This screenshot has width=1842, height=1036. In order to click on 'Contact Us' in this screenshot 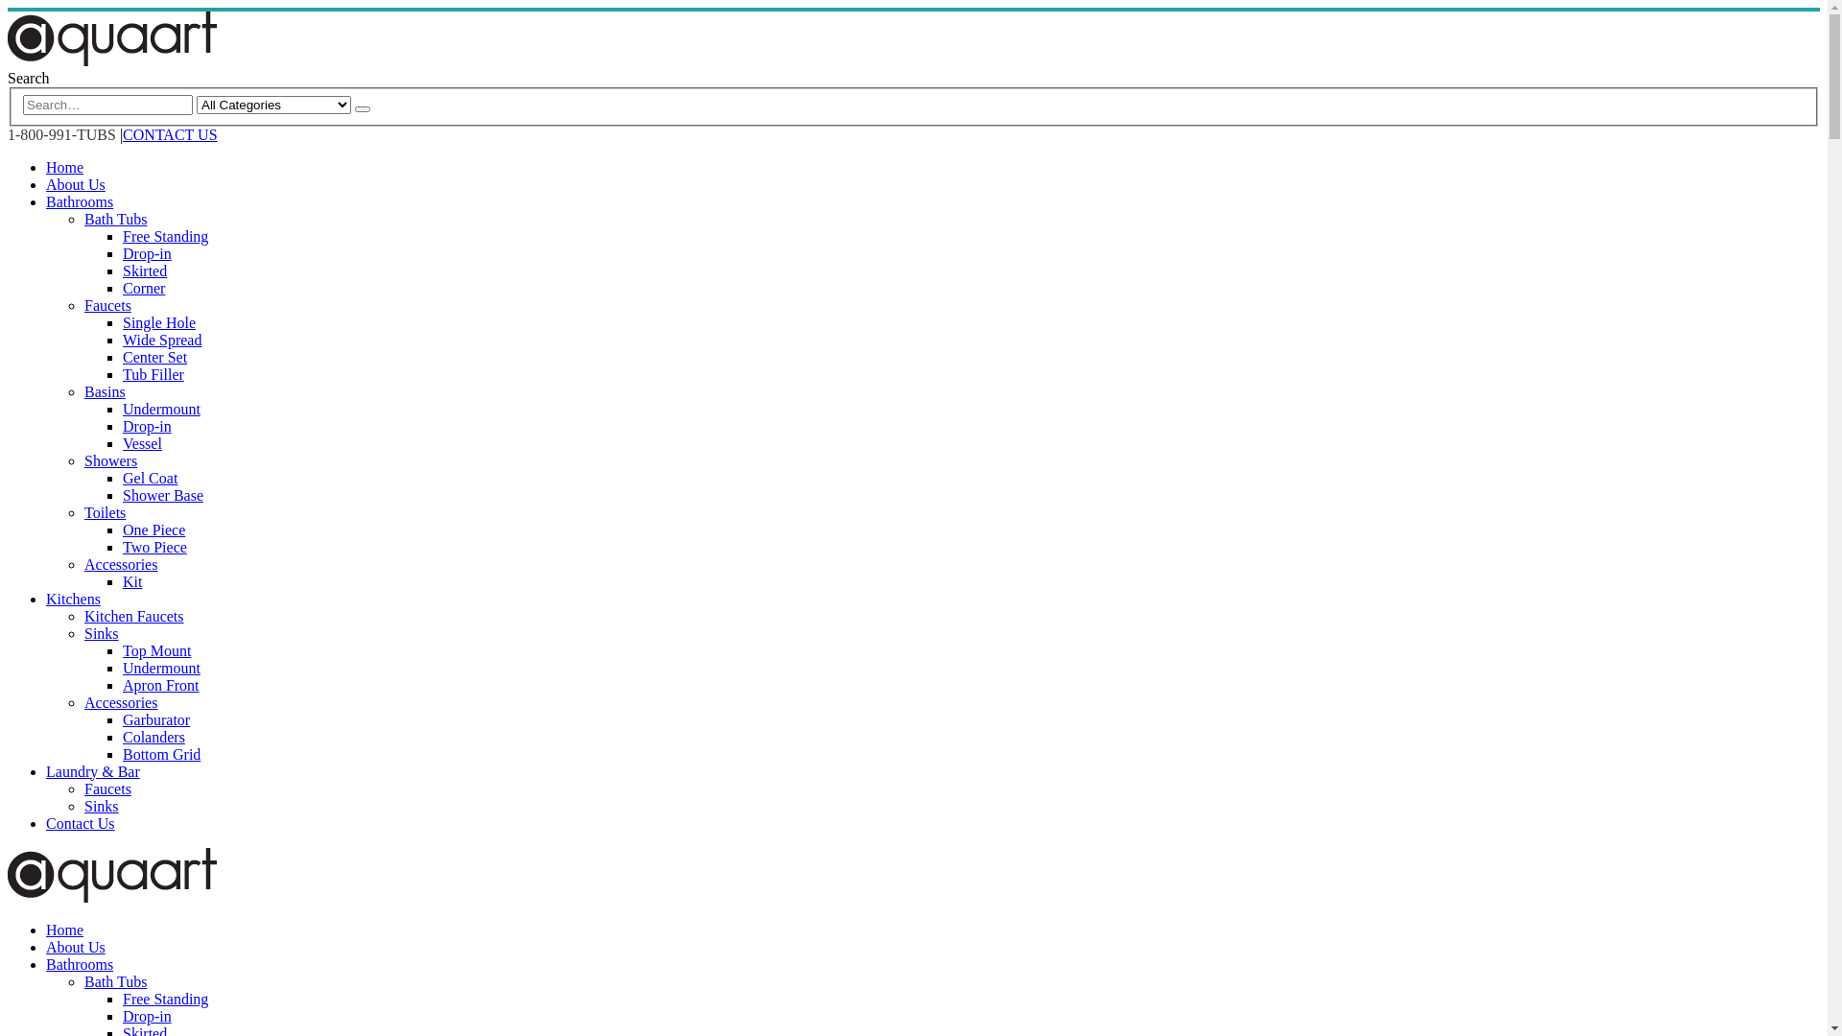, I will do `click(79, 822)`.